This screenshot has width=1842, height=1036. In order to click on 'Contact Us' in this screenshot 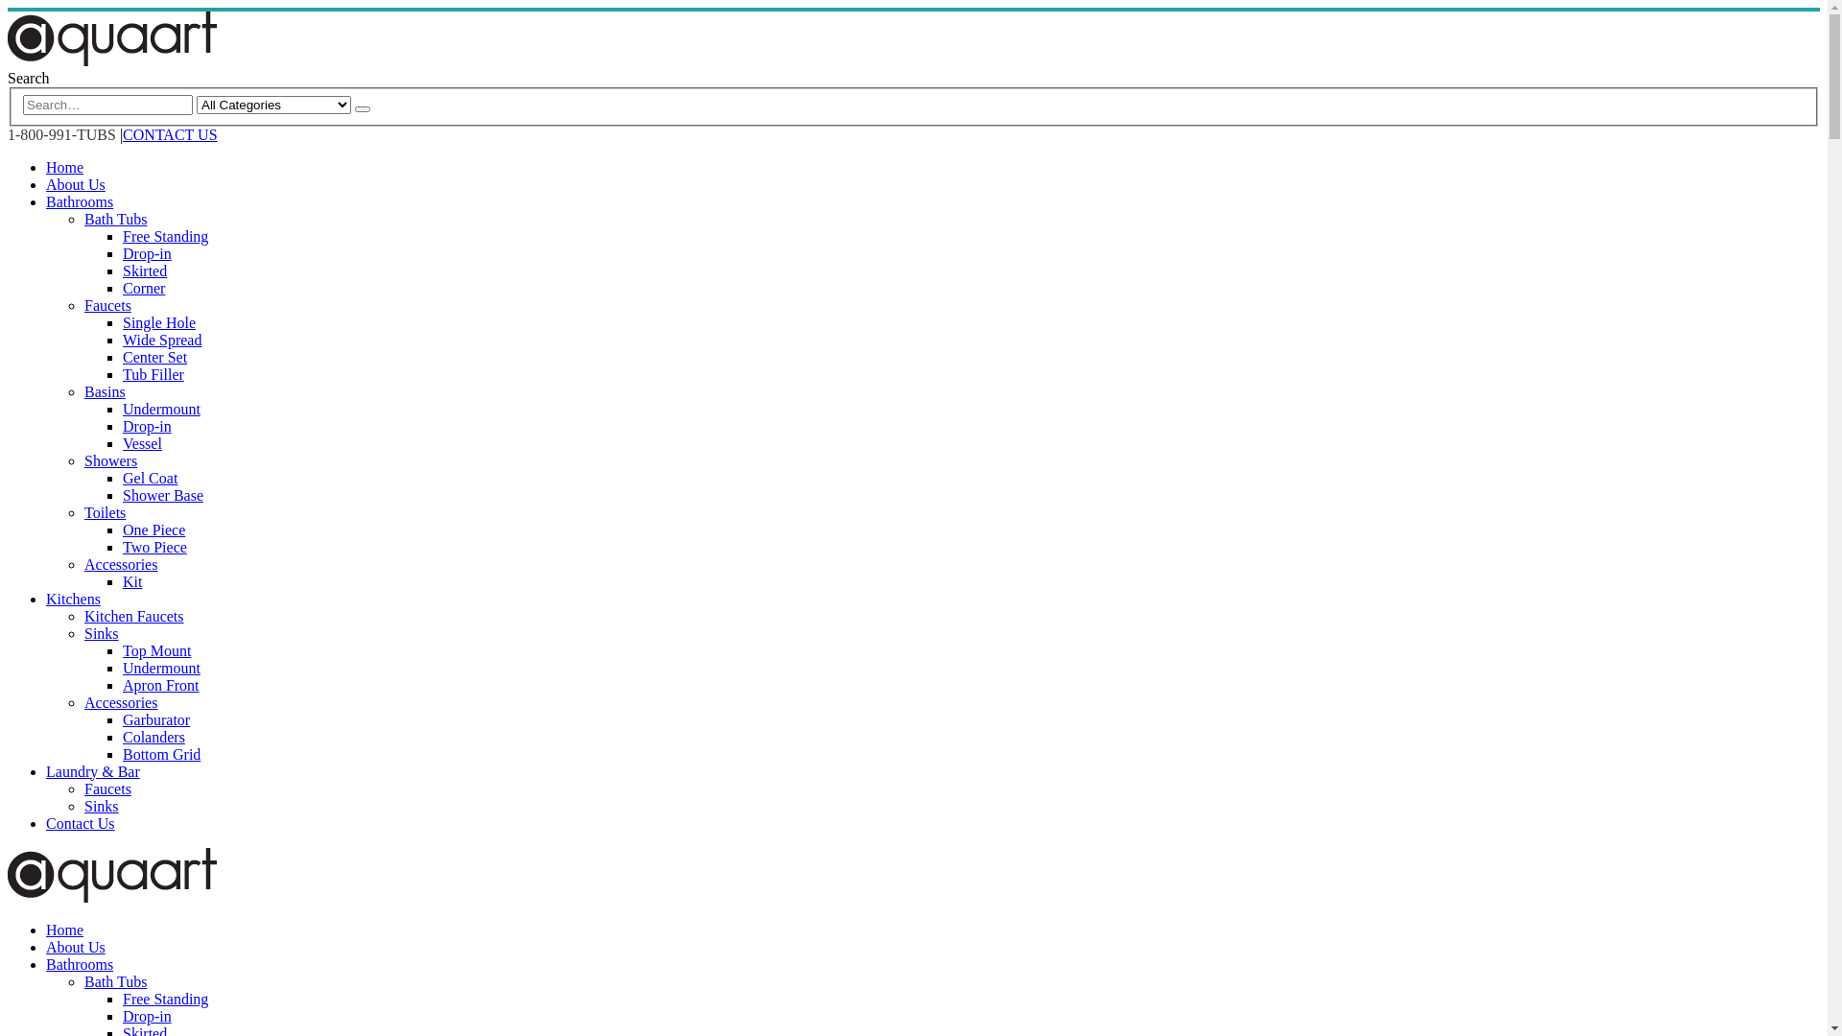, I will do `click(79, 822)`.